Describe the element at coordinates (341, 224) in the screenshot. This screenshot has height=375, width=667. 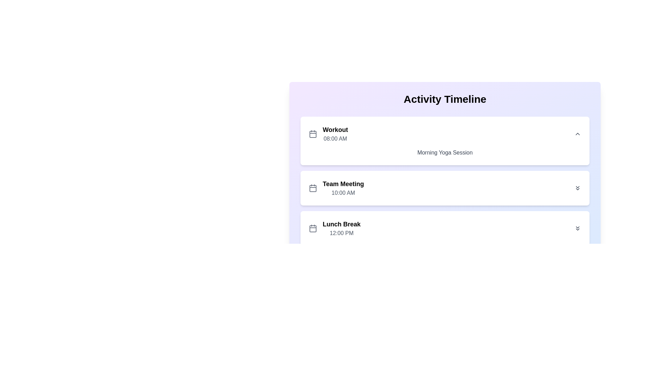
I see `the static text label that serves as the title for the 'Lunch Break' entry in the timeline` at that location.